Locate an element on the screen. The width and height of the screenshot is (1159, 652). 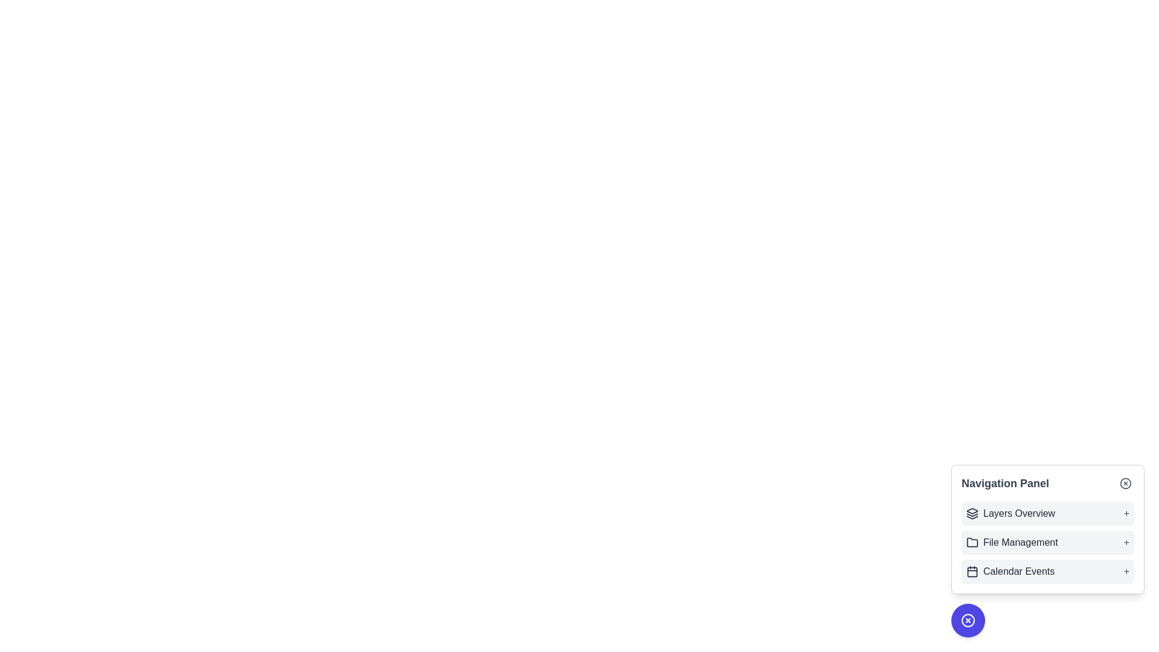
the '+' icon, which is stylized in gray and located at the far-right end of the 'File Management' section in the navigation panel is located at coordinates (1126, 542).